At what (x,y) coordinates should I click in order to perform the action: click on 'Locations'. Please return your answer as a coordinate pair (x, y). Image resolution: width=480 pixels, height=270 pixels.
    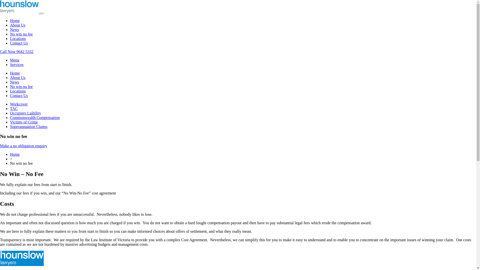
    Looking at the image, I should click on (18, 91).